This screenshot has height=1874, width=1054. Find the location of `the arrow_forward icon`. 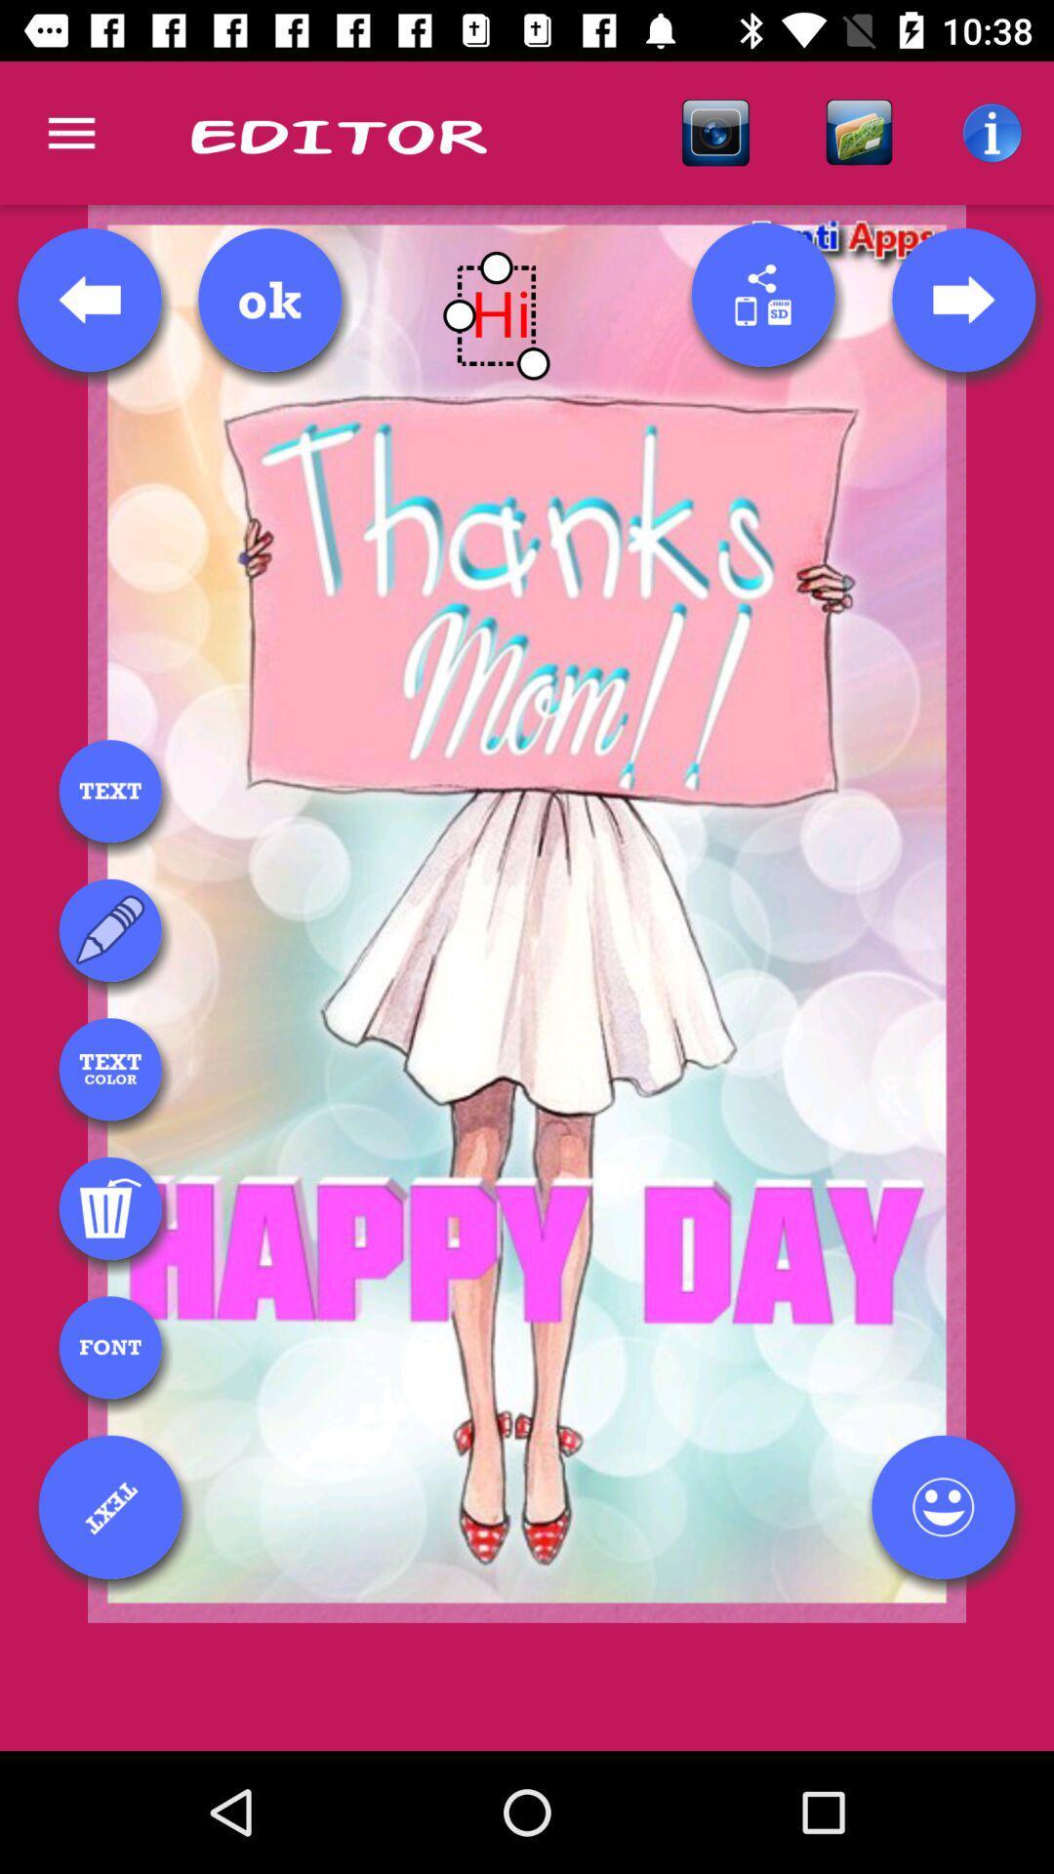

the arrow_forward icon is located at coordinates (962, 299).